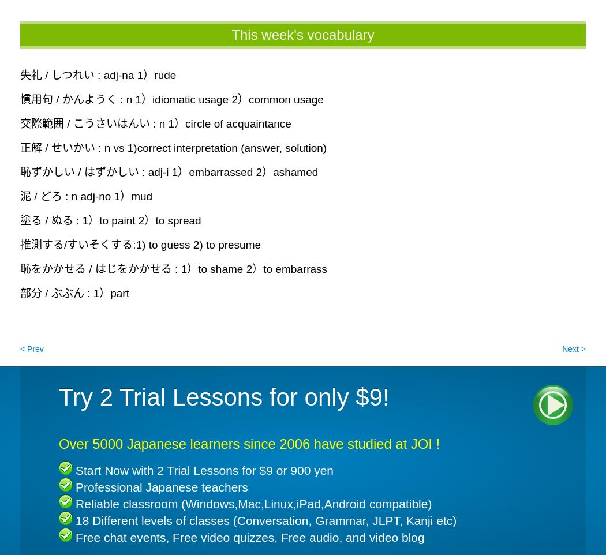 The width and height of the screenshot is (606, 555). I want to click on '慣用句 / かんようく : n 1）idiomatic usage 2）common usage', so click(171, 99).